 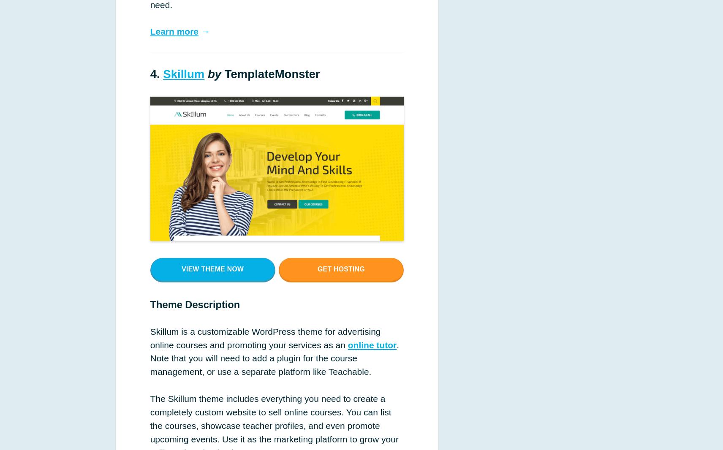 I want to click on 'by', so click(x=214, y=73).